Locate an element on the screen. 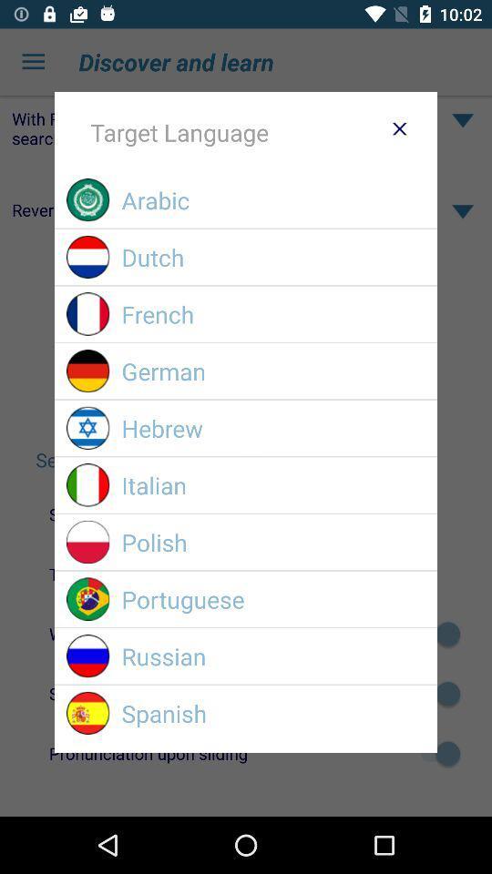 This screenshot has height=874, width=492. the item above spanish is located at coordinates (272, 655).